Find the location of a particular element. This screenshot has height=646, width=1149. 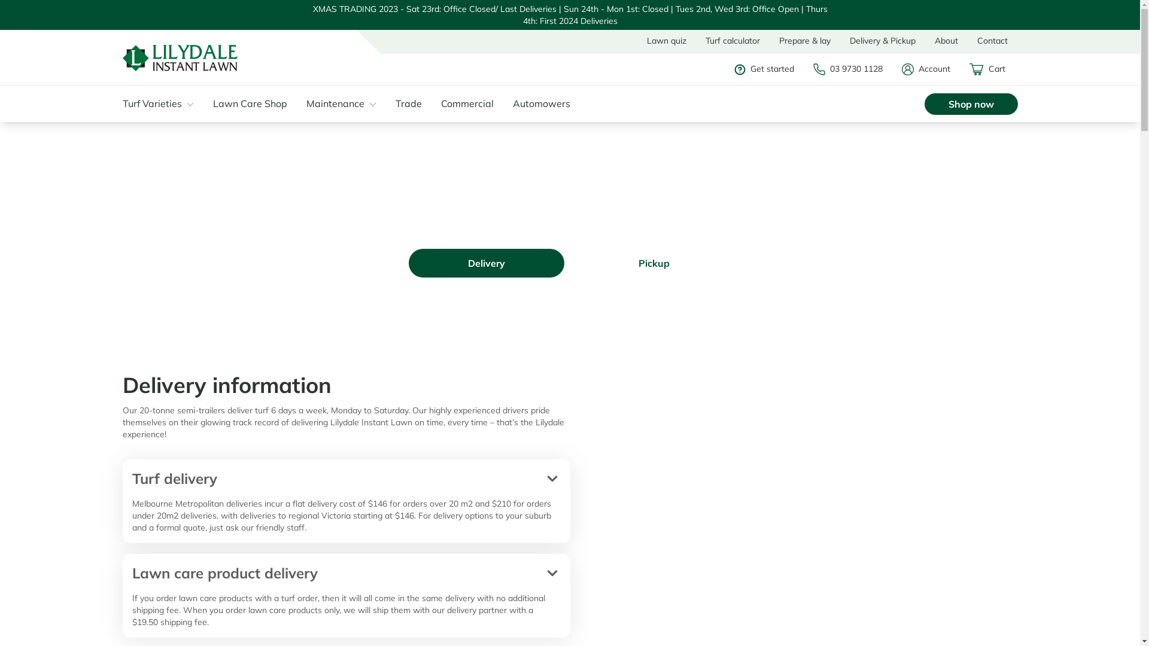

'Lawn Care Shop' is located at coordinates (255, 103).